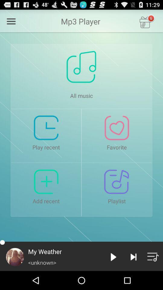 The image size is (163, 290). What do you see at coordinates (153, 275) in the screenshot?
I see `the playlist icon` at bounding box center [153, 275].